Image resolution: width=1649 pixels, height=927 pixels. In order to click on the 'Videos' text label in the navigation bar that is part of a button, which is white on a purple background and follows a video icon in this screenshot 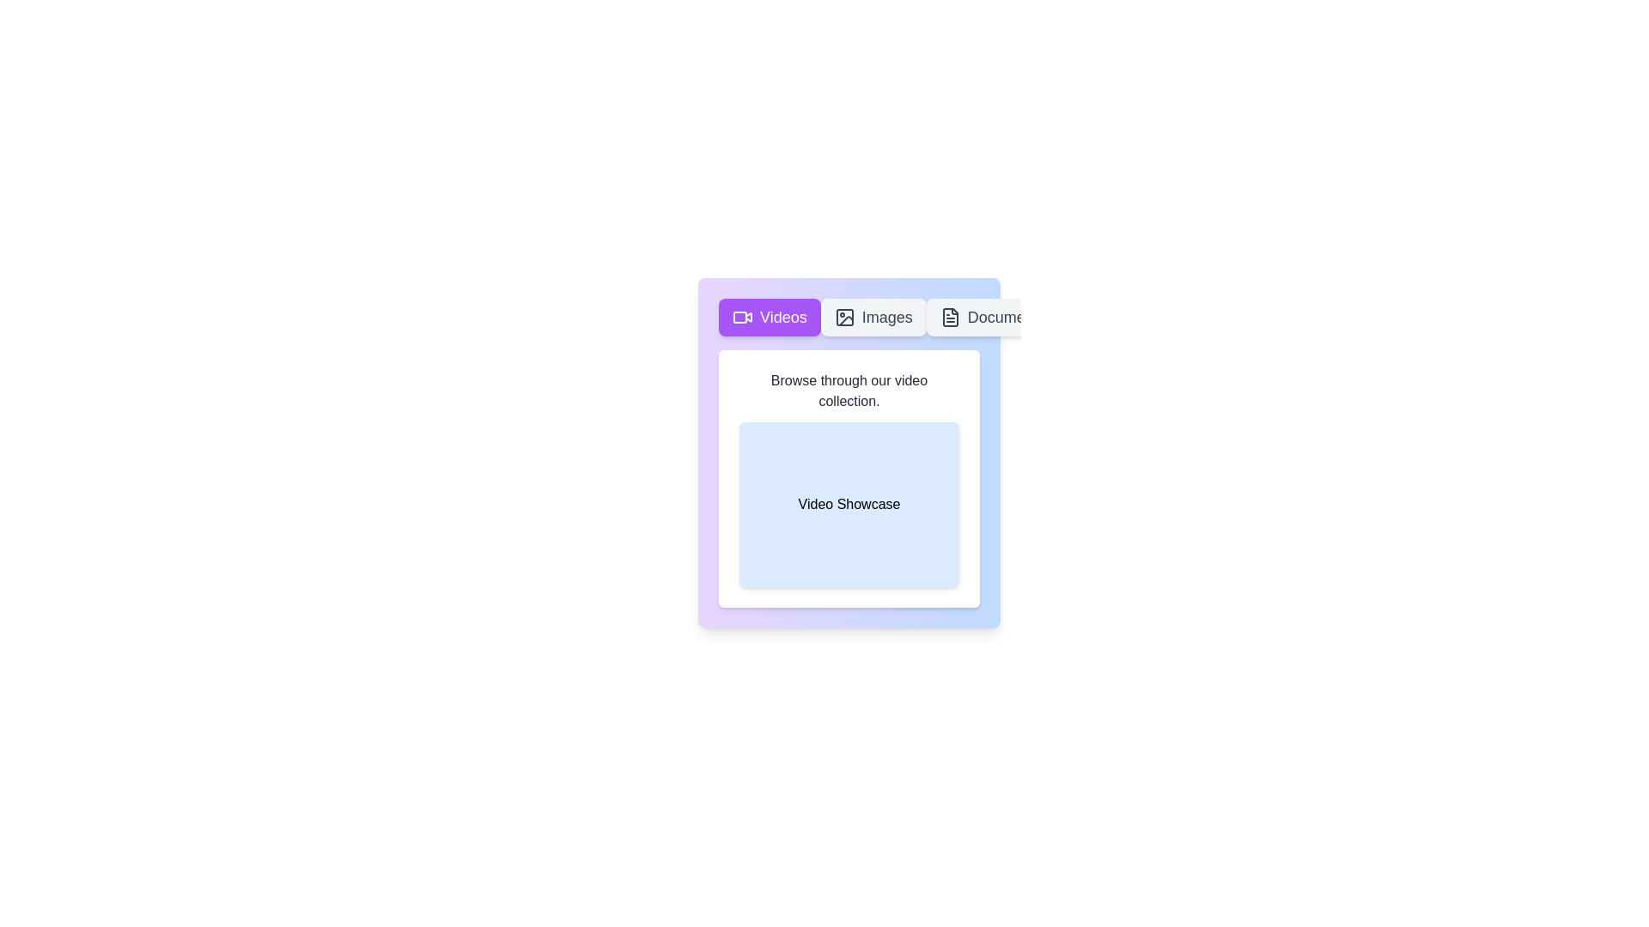, I will do `click(782, 318)`.